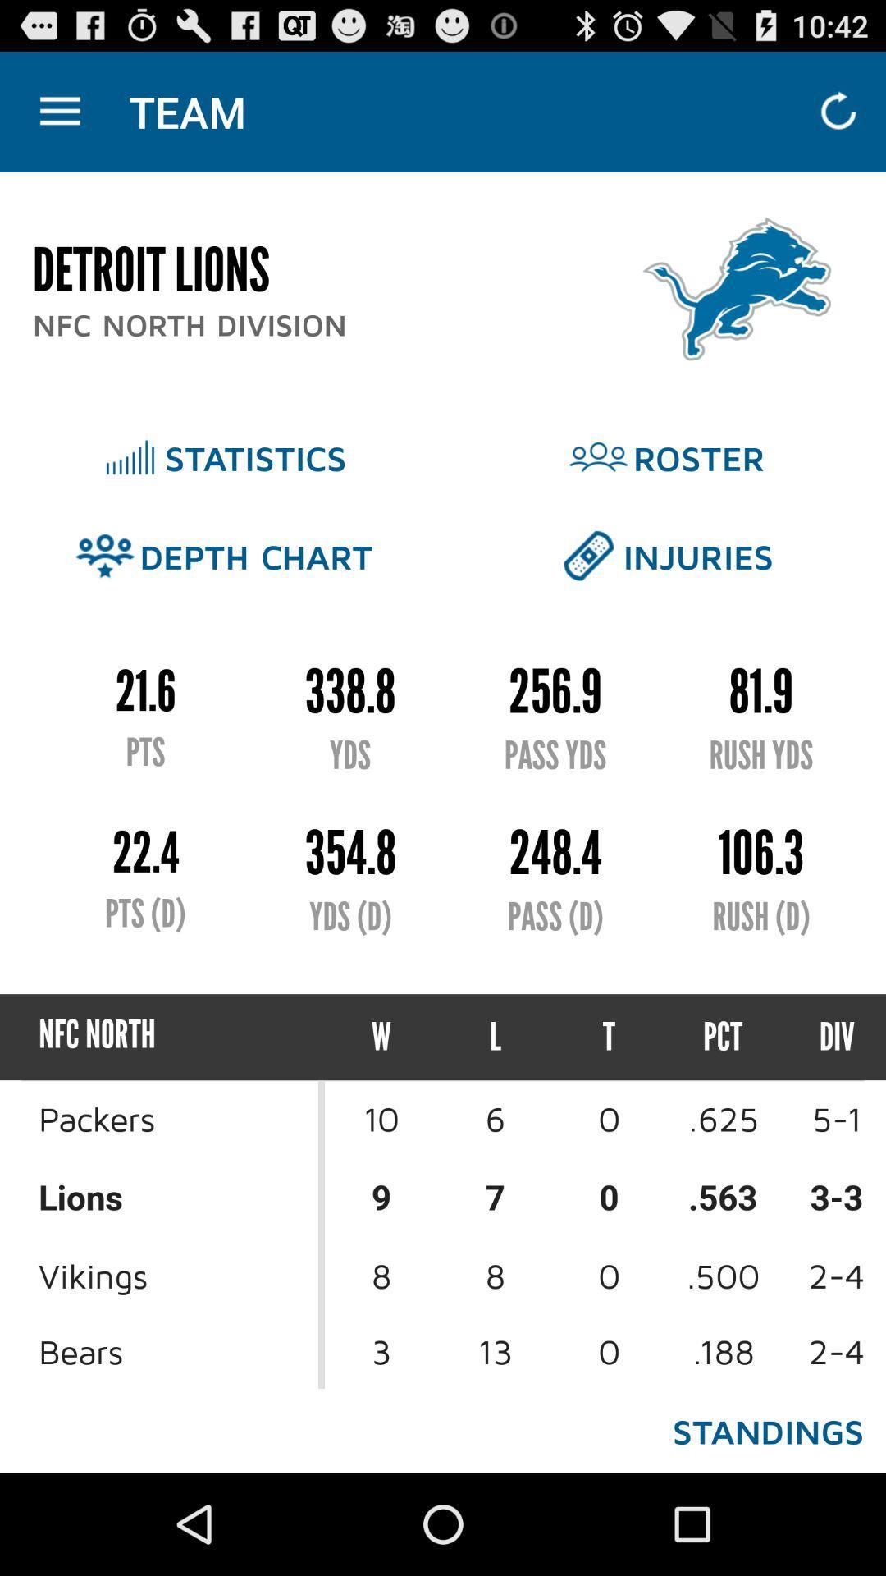 Image resolution: width=886 pixels, height=1576 pixels. What do you see at coordinates (495, 1036) in the screenshot?
I see `the item next to w icon` at bounding box center [495, 1036].